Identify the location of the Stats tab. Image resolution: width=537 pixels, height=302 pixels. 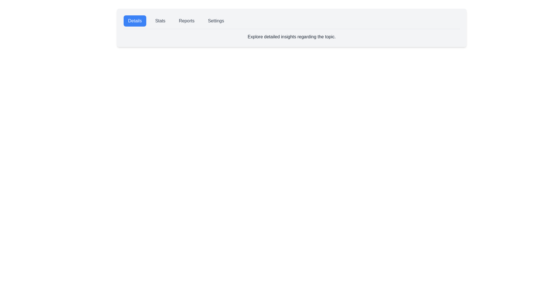
(160, 20).